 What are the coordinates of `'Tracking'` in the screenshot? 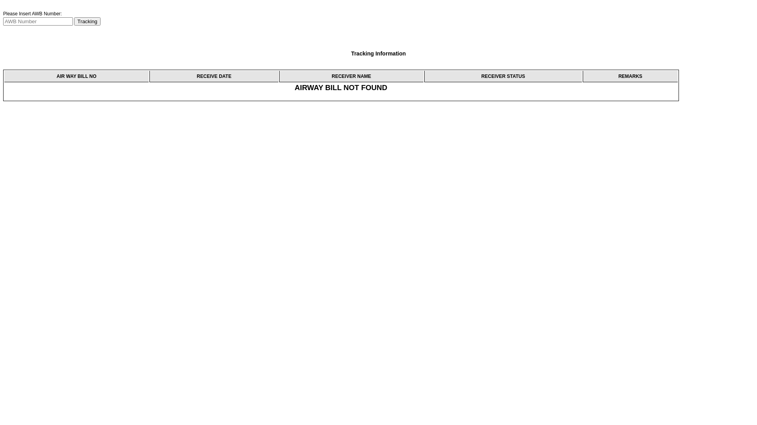 It's located at (74, 21).